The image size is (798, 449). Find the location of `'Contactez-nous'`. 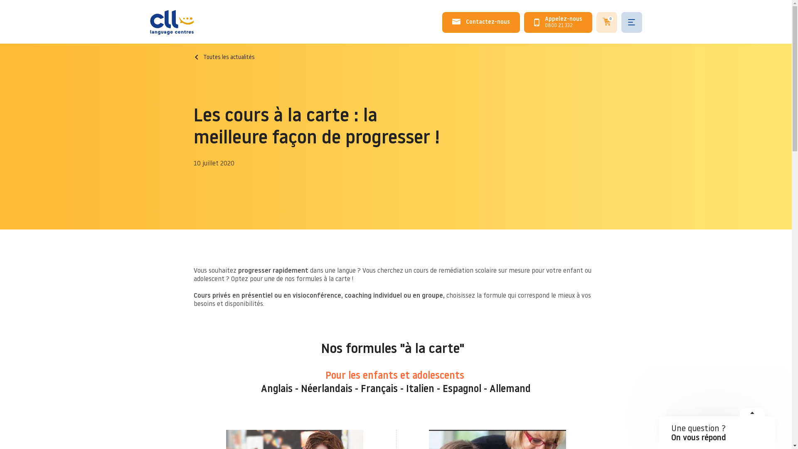

'Contactez-nous' is located at coordinates (481, 22).